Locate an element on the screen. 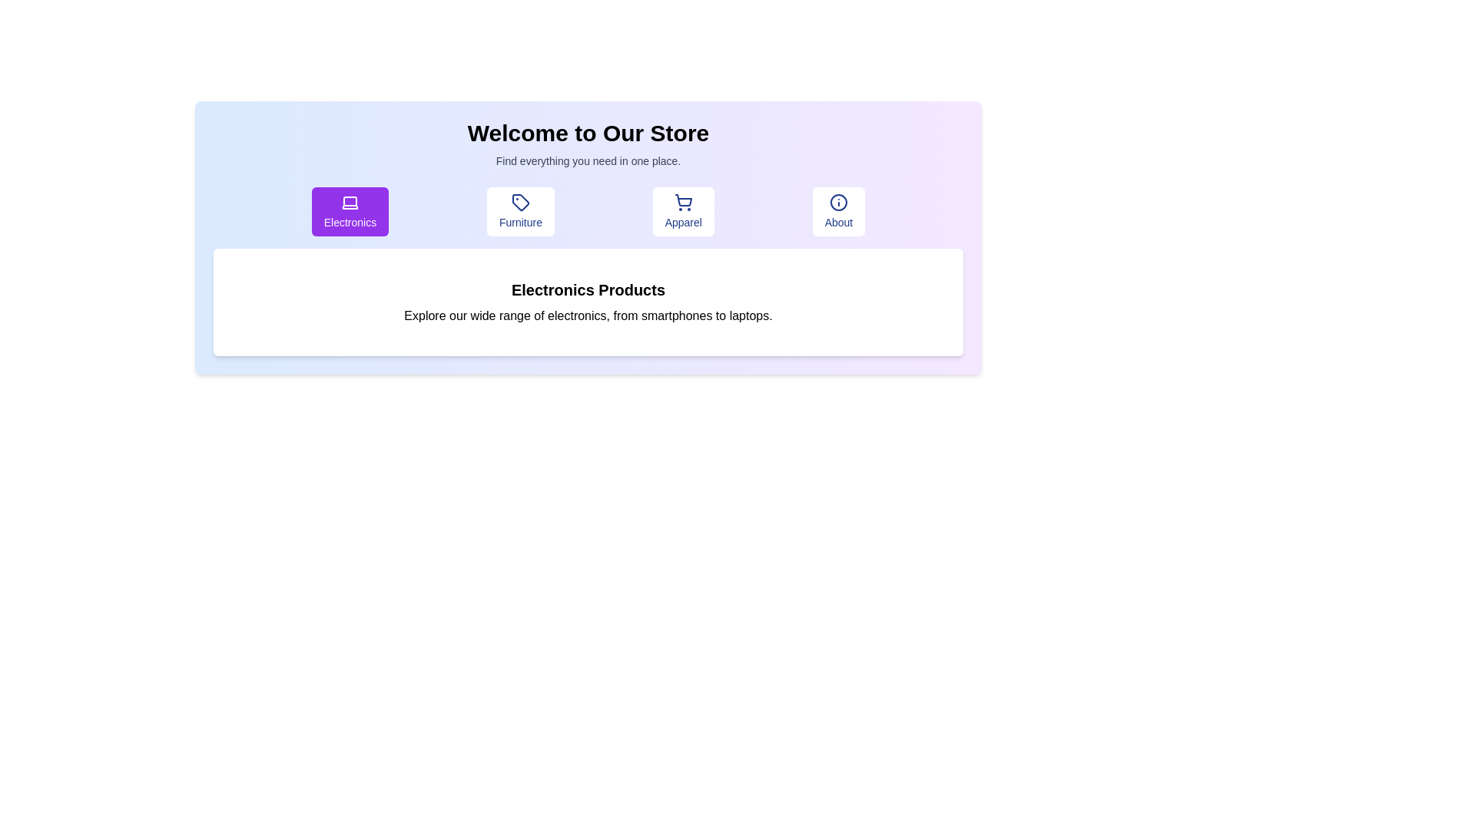 Image resolution: width=1475 pixels, height=829 pixels. text label that displays 'Find everything you need in one place.' It is styled in gray and positioned below the bold title 'Welcome to Our Store.' is located at coordinates (588, 160).